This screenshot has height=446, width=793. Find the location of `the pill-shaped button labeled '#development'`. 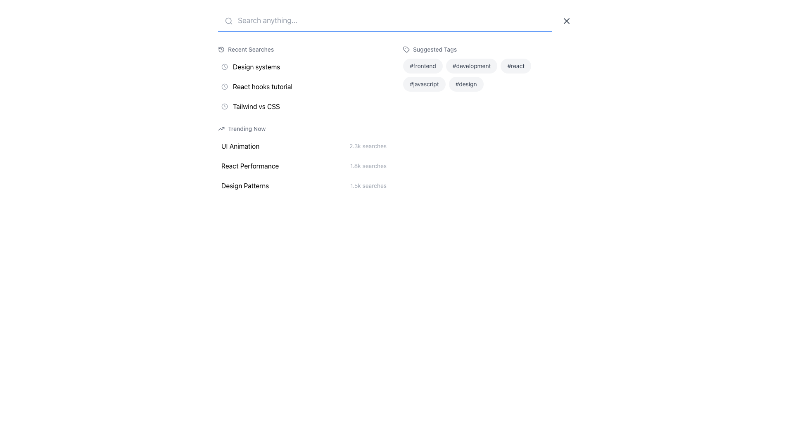

the pill-shaped button labeled '#development' is located at coordinates (472, 65).